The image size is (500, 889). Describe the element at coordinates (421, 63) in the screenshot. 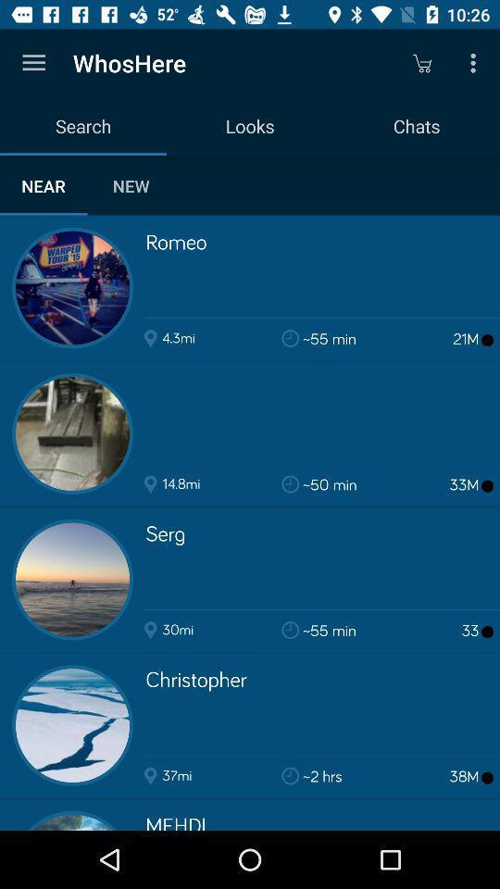

I see `item to the right of the looks icon` at that location.